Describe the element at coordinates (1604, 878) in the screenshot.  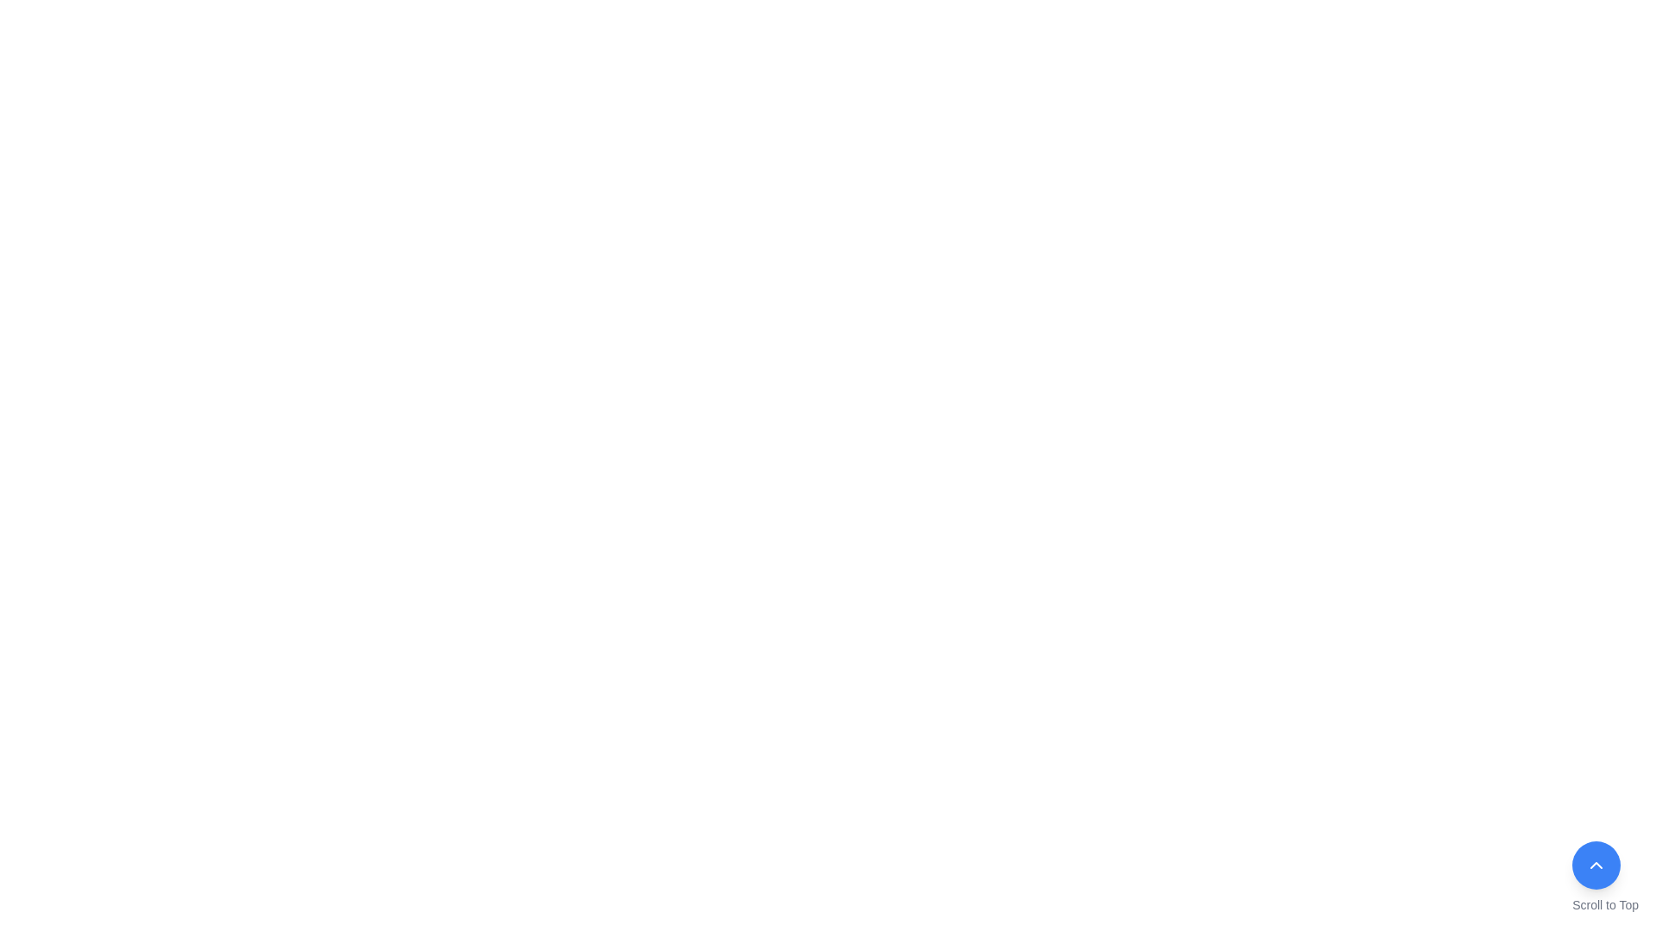
I see `the blue circular button with a white upward arrow icon labeled 'Scroll to Top' located in the bottom-right corner of the interface to change its background color` at that location.